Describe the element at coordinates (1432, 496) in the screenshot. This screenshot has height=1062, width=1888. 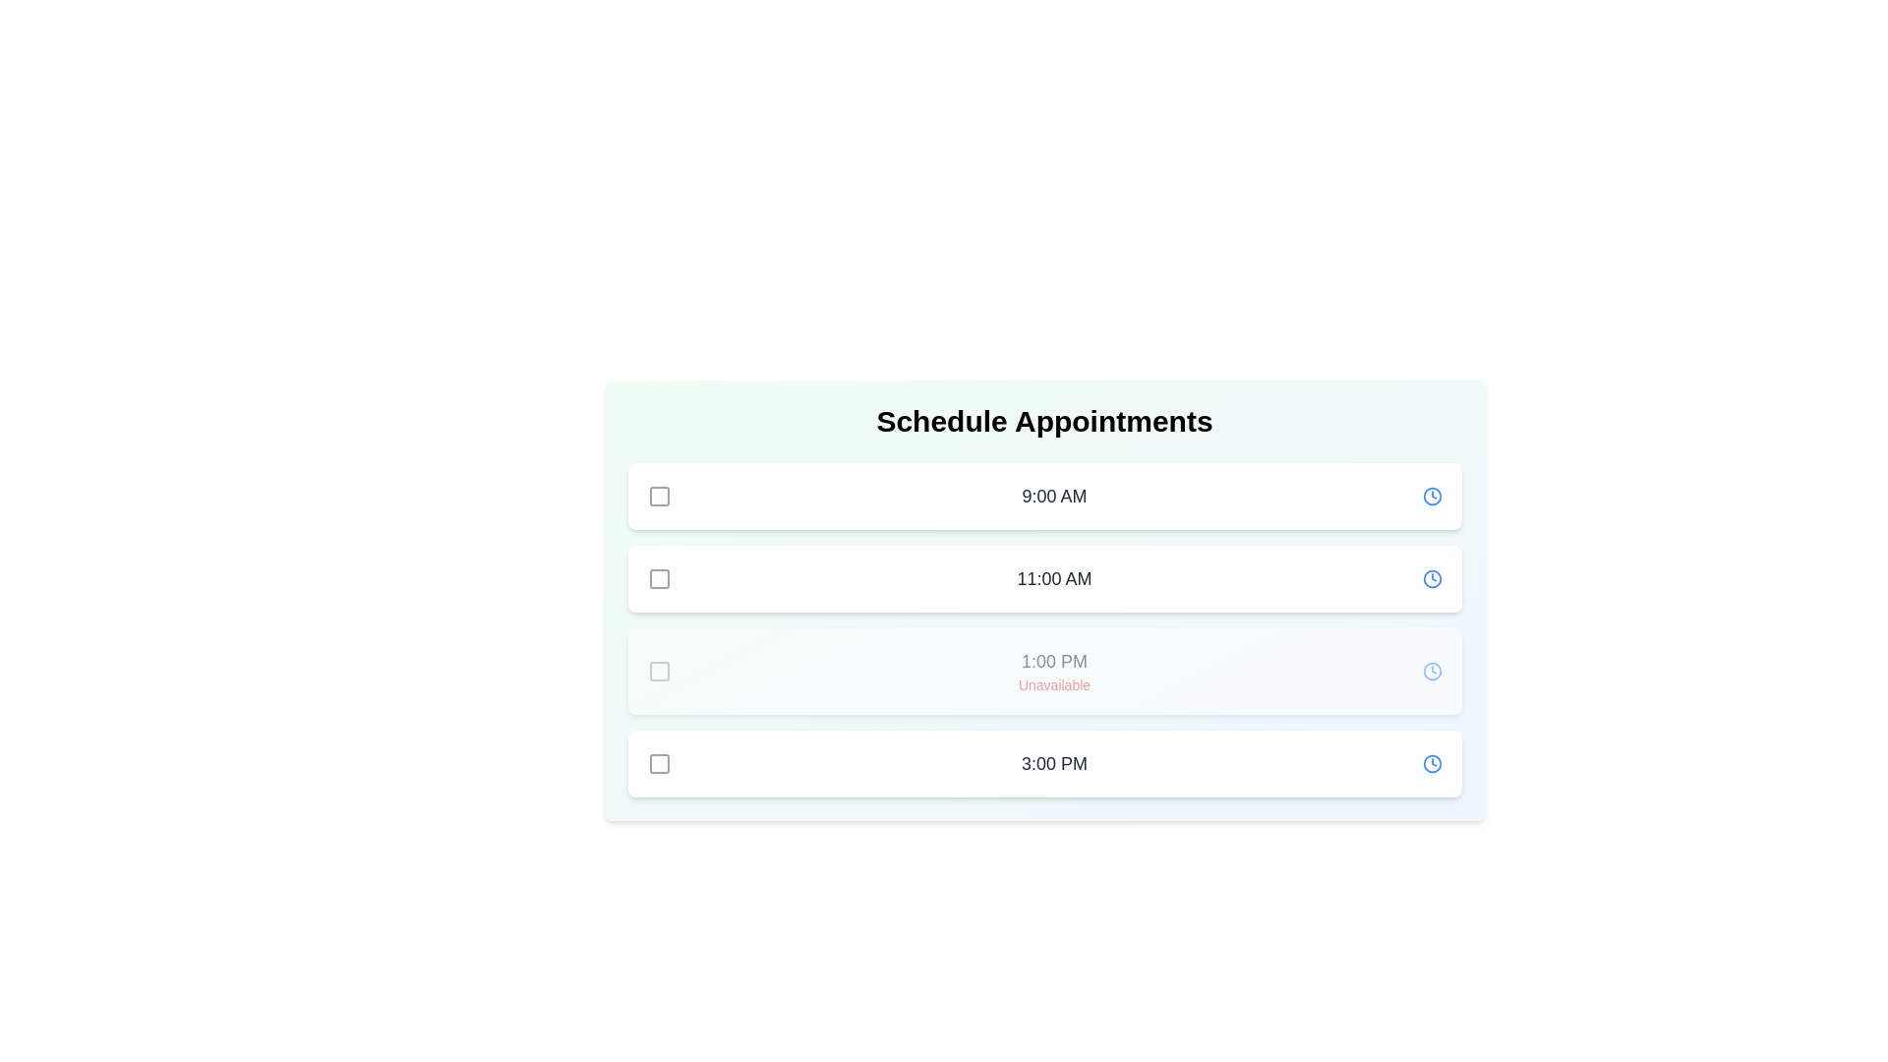
I see `the clock icon next to the time slot 9:00 AM` at that location.